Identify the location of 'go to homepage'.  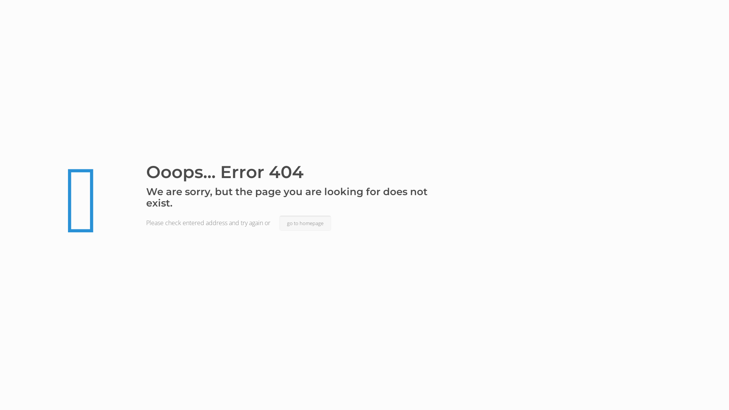
(305, 222).